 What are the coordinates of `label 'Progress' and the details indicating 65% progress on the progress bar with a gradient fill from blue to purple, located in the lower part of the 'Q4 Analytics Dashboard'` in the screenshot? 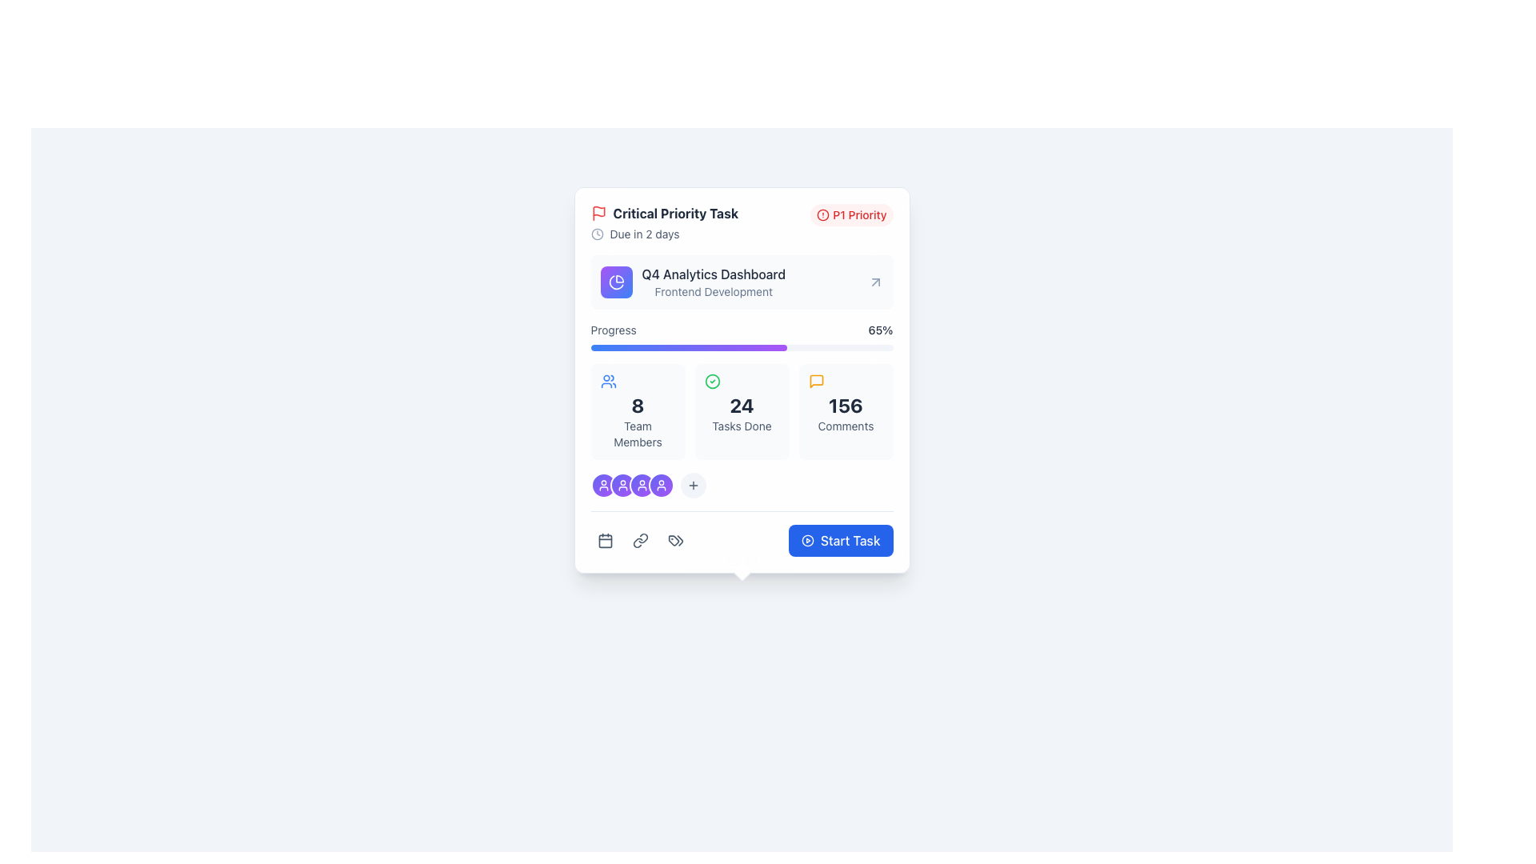 It's located at (741, 335).